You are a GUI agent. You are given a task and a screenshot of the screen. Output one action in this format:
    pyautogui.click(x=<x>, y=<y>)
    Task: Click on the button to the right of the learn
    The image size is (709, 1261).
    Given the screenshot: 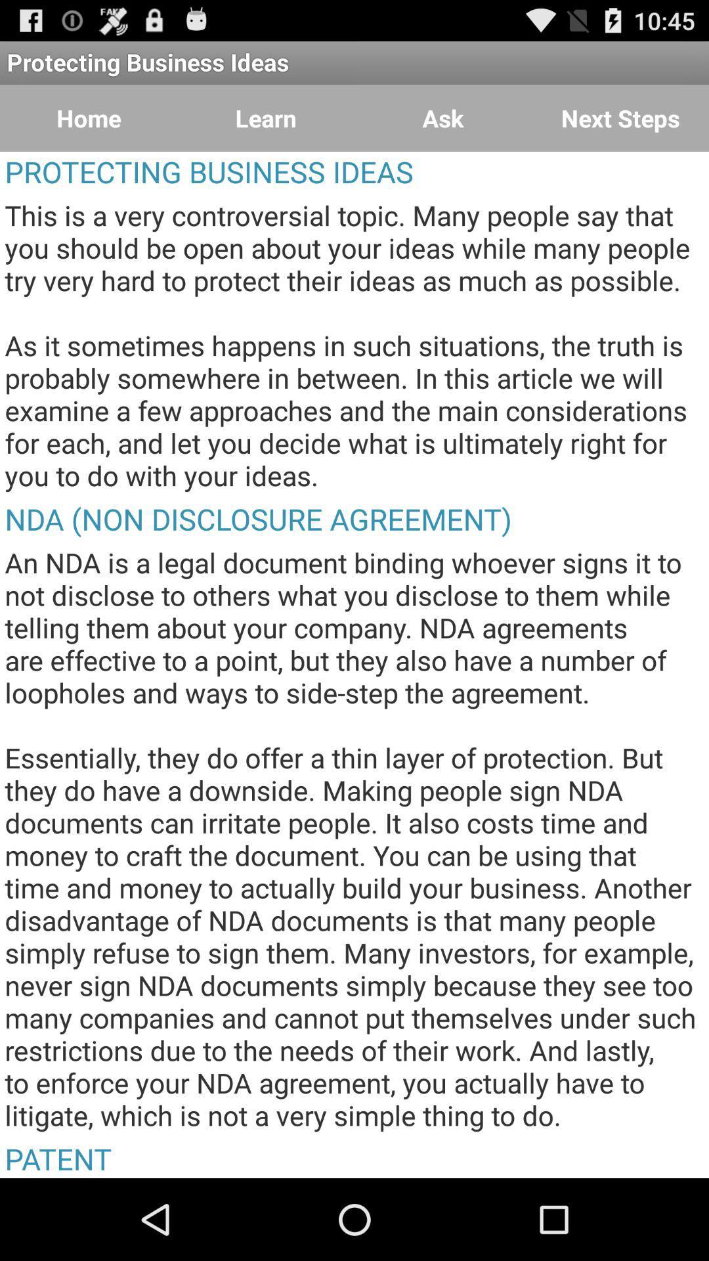 What is the action you would take?
    pyautogui.click(x=443, y=118)
    